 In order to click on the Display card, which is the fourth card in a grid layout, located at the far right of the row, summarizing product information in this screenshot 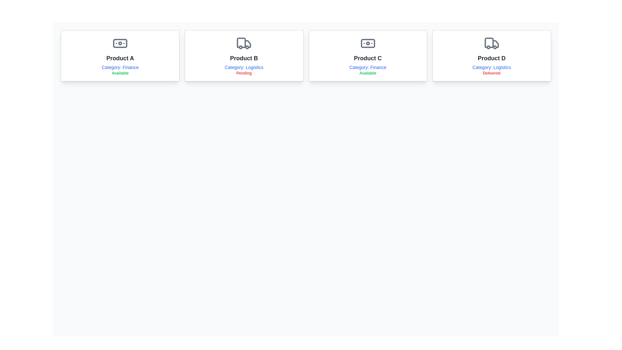, I will do `click(491, 55)`.